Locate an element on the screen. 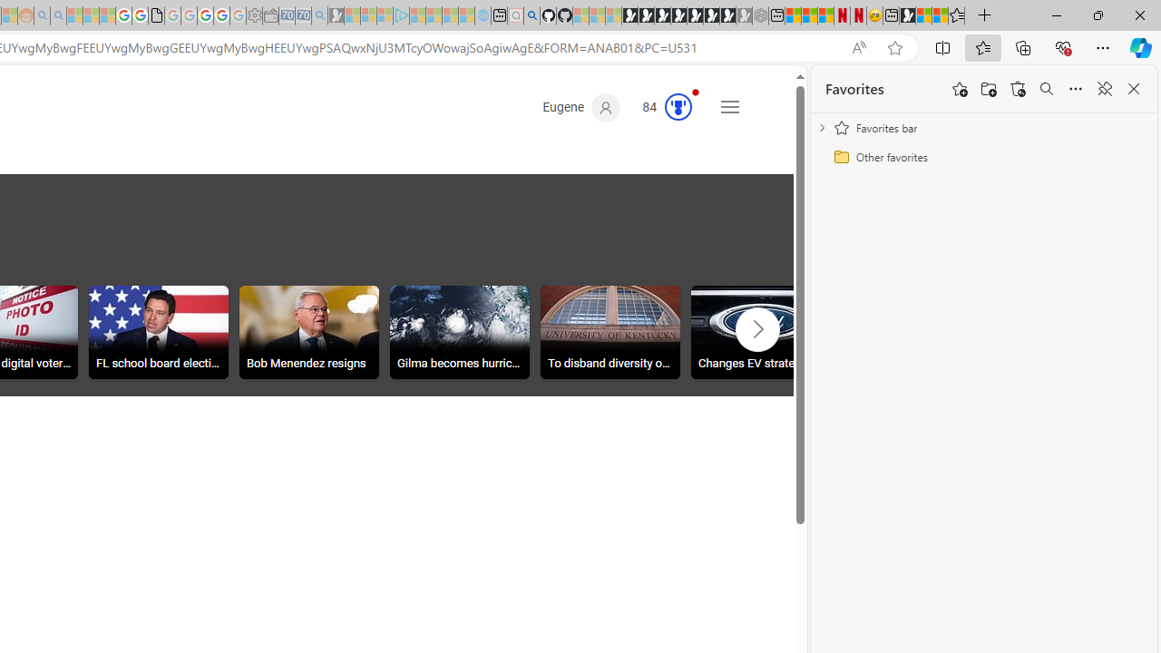  'To disband diversity office' is located at coordinates (610, 332).